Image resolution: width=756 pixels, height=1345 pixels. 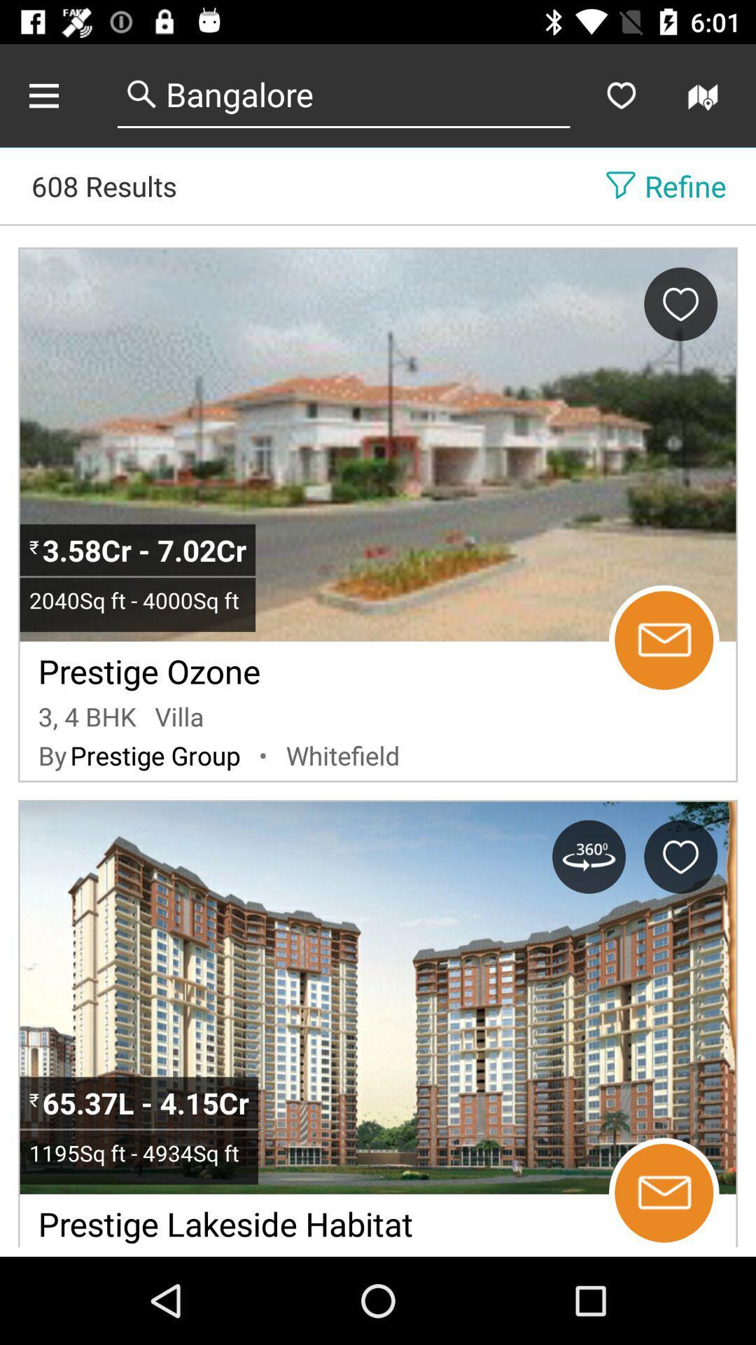 I want to click on sows massage icon, so click(x=663, y=640).